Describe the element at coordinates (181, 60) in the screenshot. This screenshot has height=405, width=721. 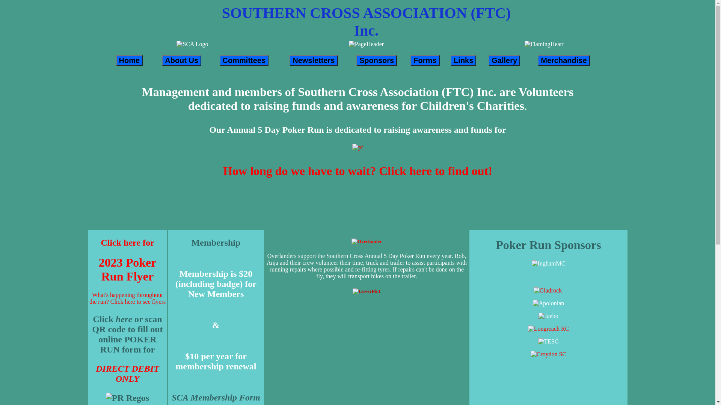
I see `'About Us'` at that location.